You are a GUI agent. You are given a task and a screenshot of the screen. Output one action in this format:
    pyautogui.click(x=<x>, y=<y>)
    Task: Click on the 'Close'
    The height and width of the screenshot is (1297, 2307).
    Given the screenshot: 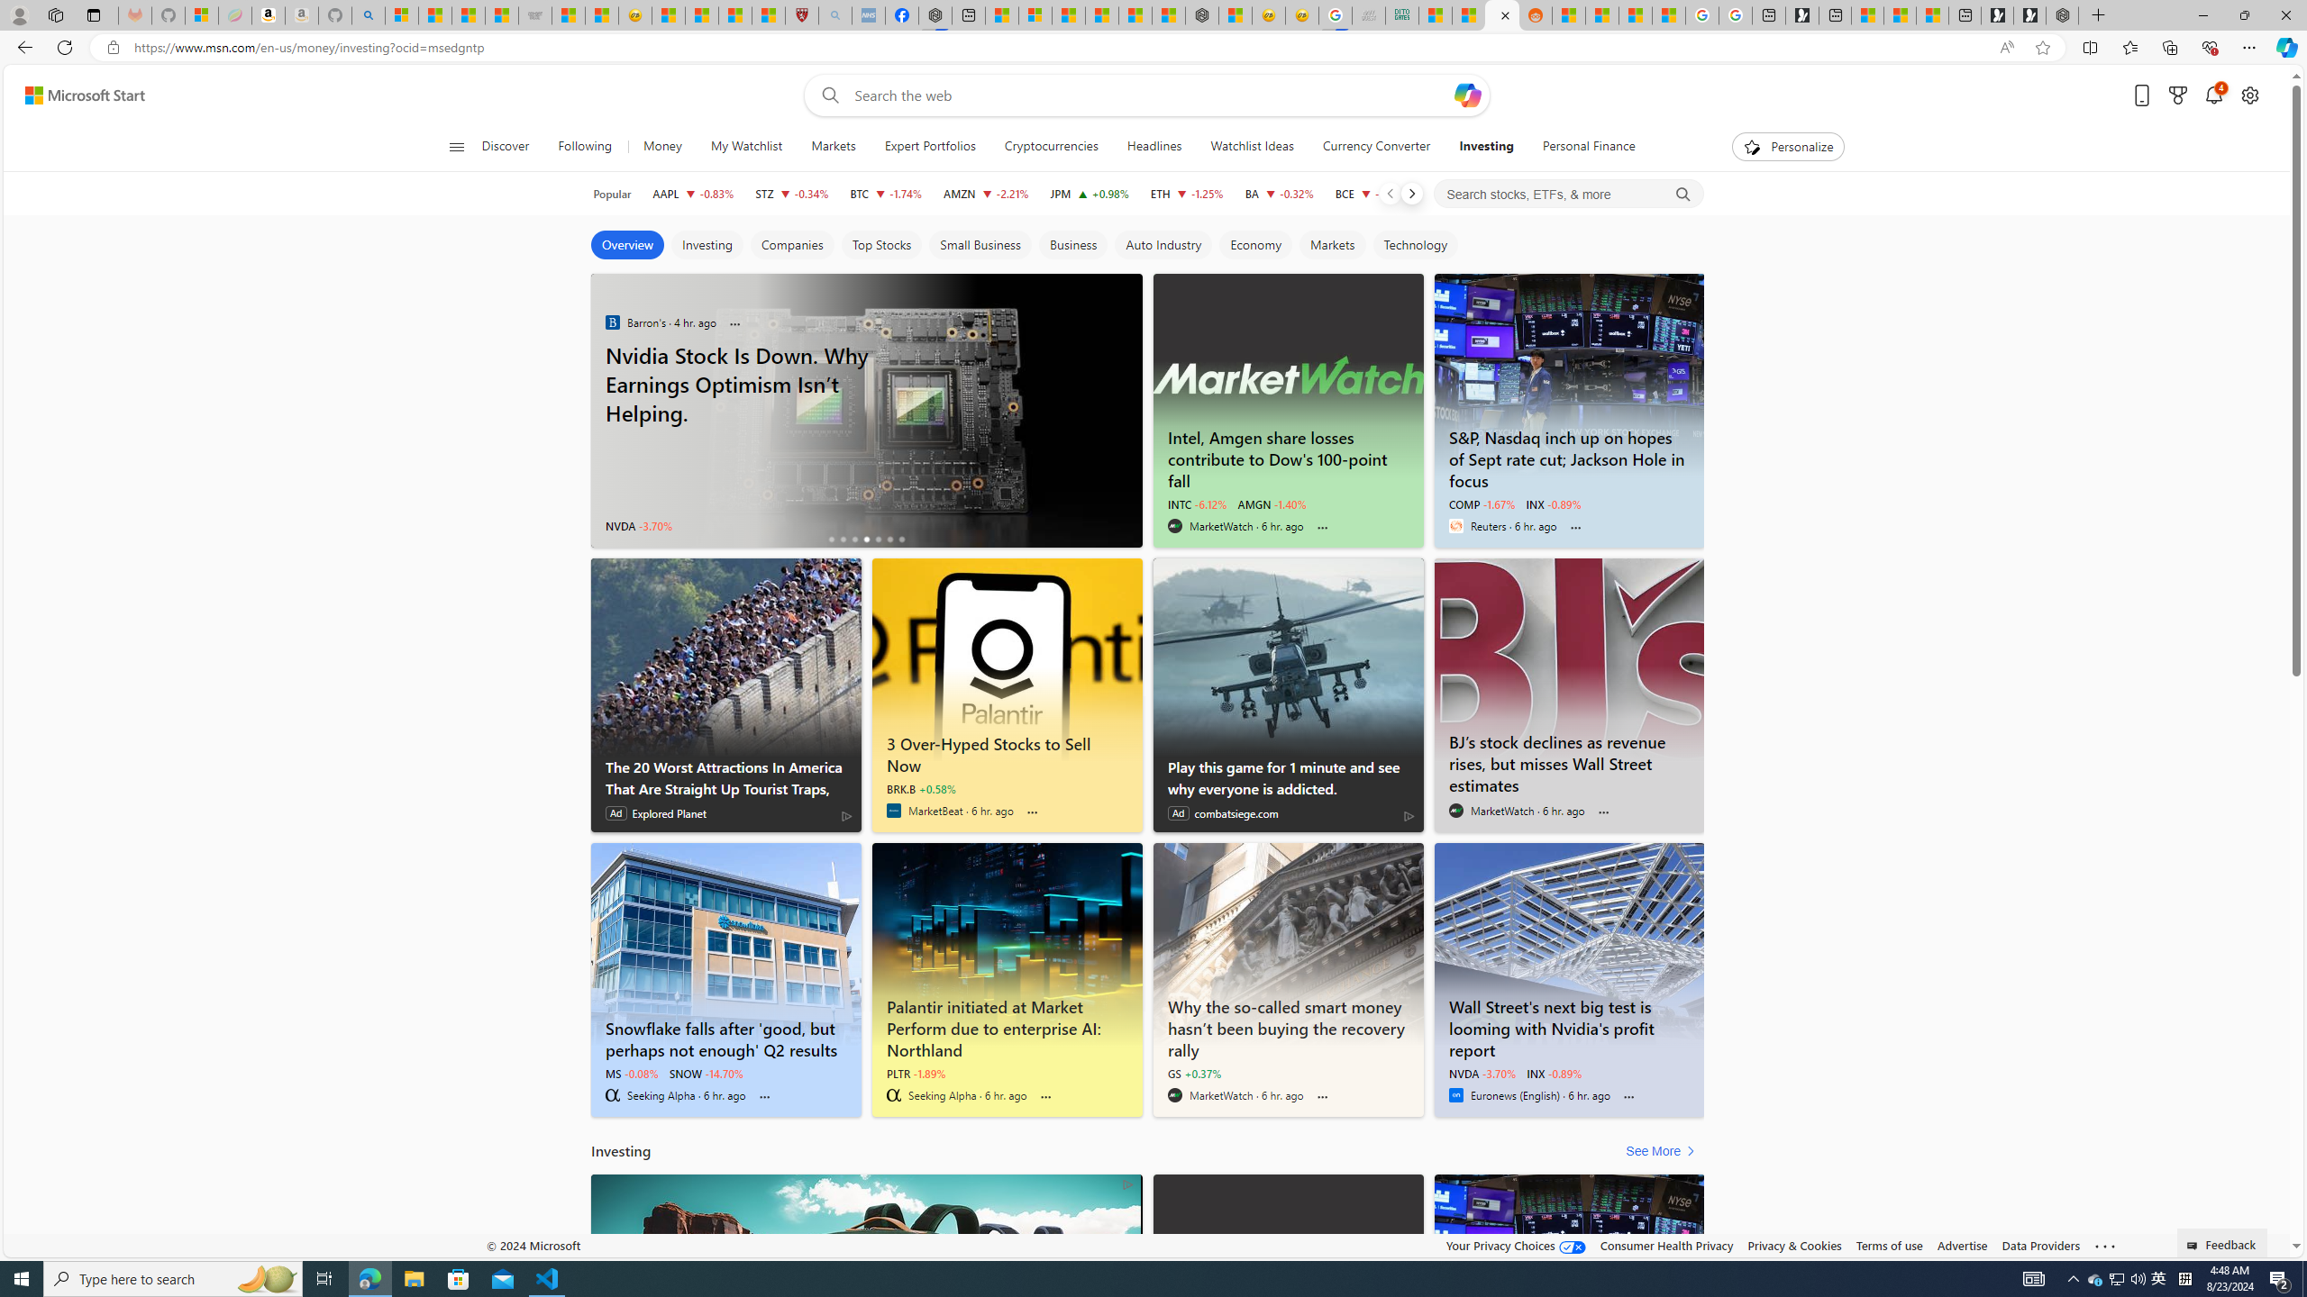 What is the action you would take?
    pyautogui.click(x=2284, y=14)
    